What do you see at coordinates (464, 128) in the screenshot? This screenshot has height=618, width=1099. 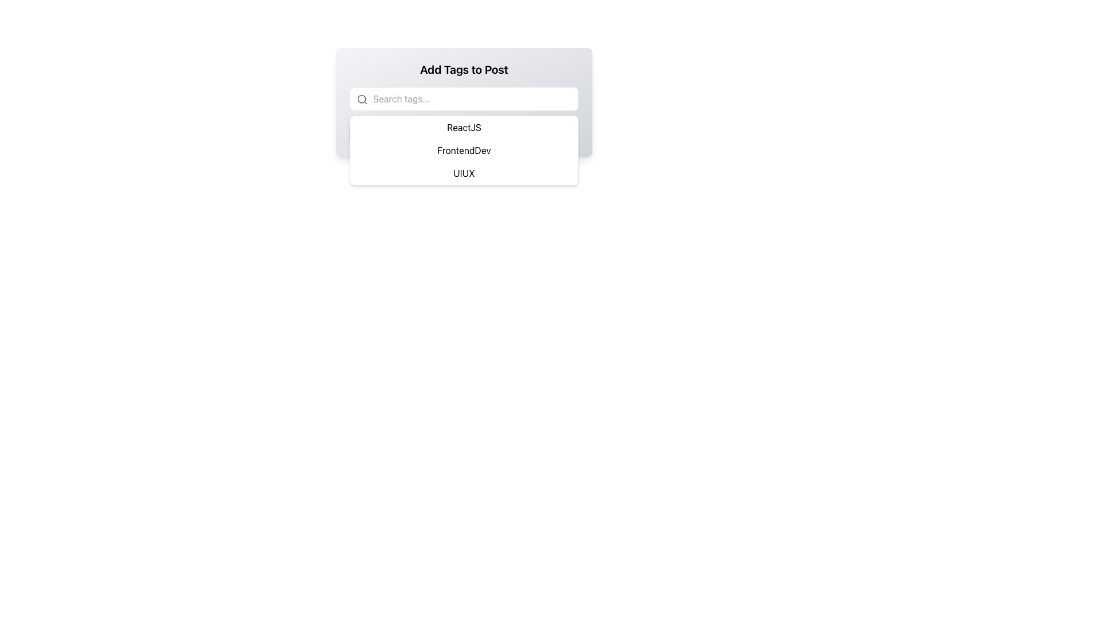 I see `the list item displaying 'ReactJS' in a vertical dropdown menu` at bounding box center [464, 128].